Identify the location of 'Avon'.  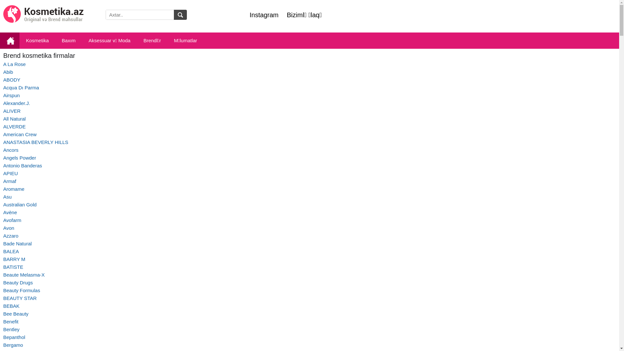
(9, 227).